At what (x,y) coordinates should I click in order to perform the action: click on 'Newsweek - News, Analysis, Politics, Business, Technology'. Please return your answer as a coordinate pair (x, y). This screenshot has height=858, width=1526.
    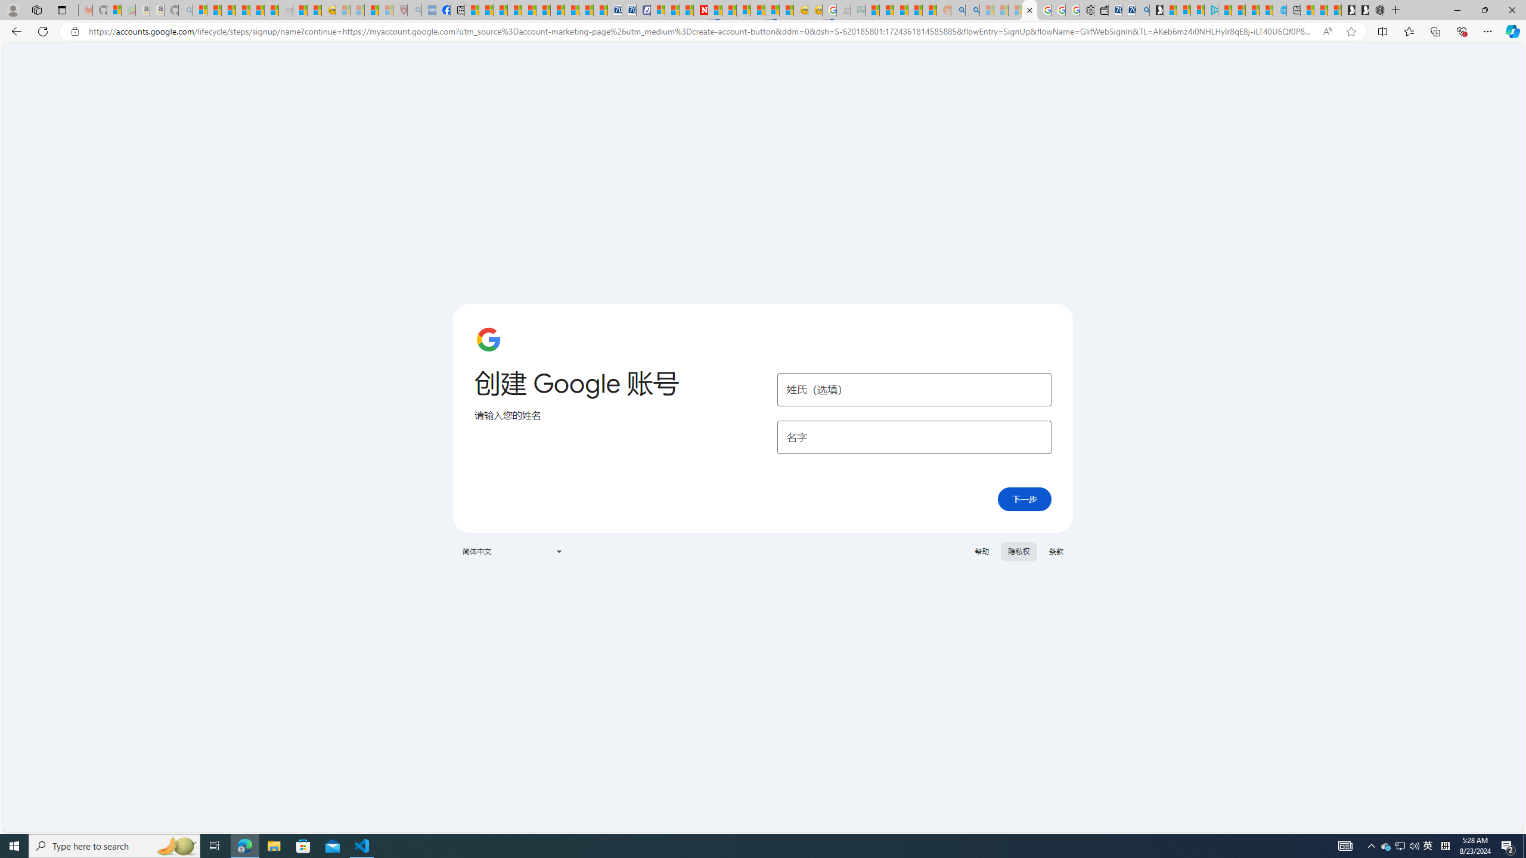
    Looking at the image, I should click on (700, 10).